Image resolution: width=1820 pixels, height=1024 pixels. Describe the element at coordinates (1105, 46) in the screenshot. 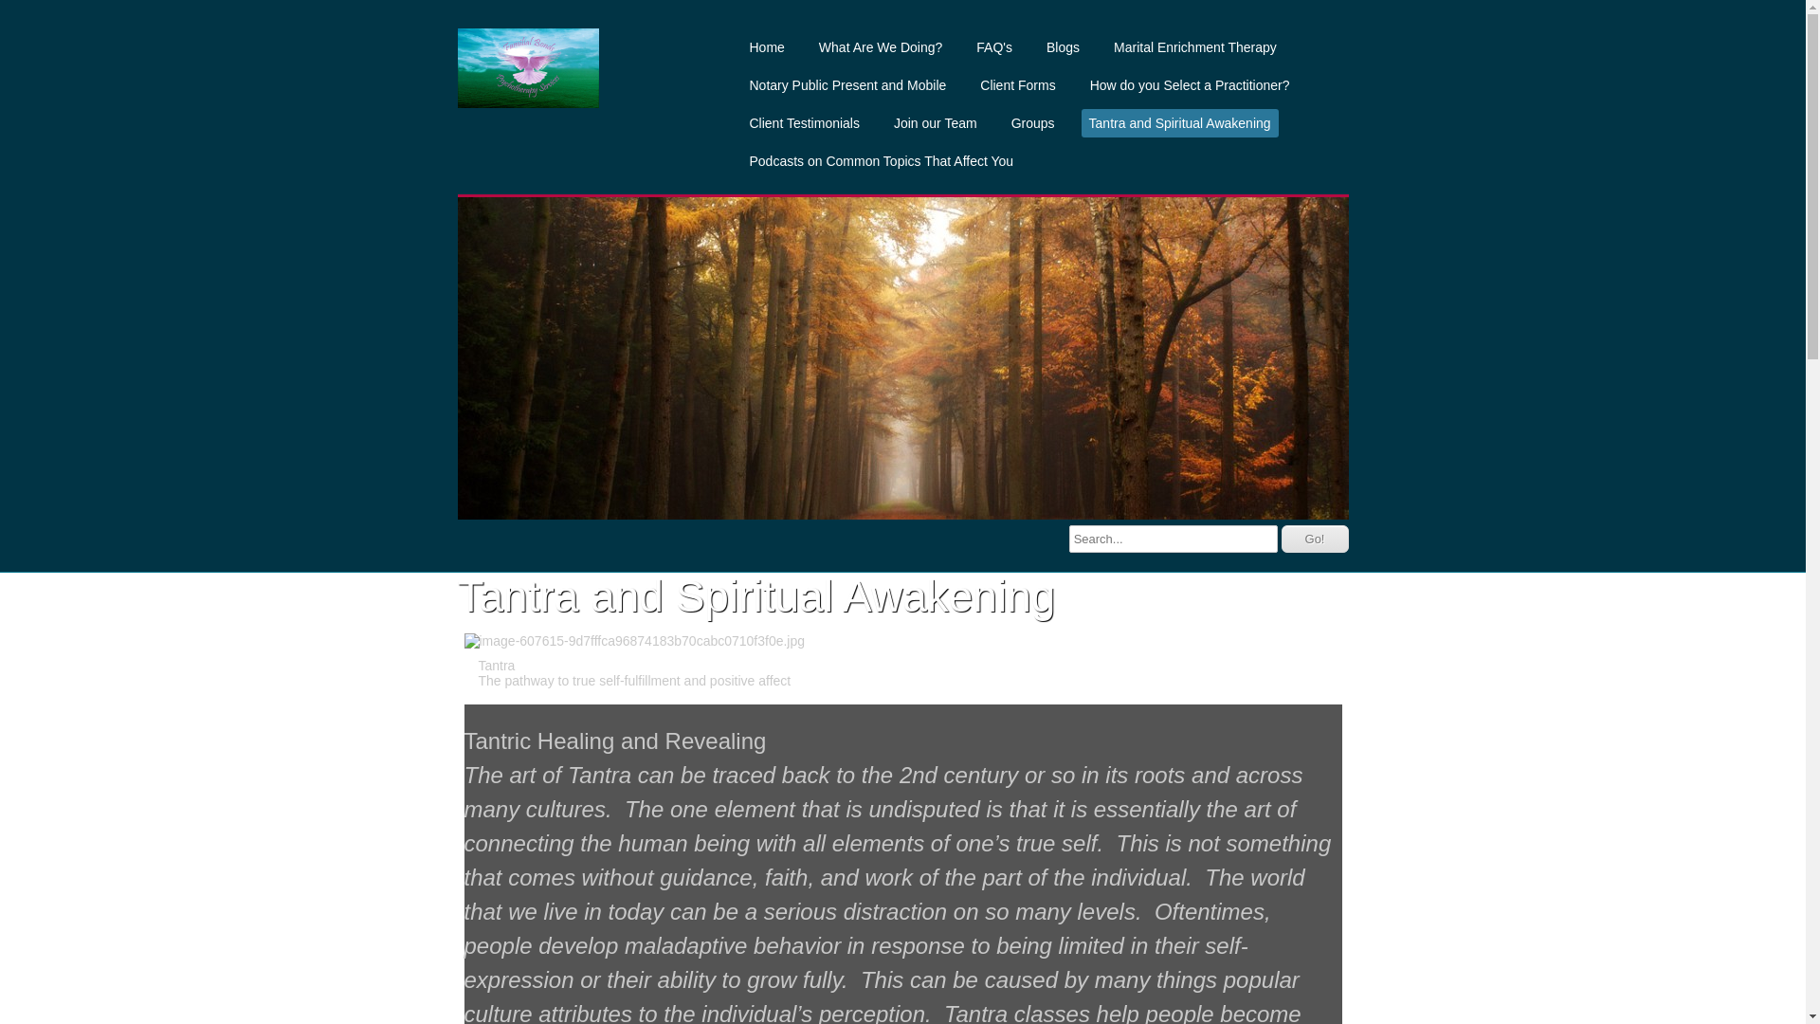

I see `'Marital Enrichment Therapy'` at that location.